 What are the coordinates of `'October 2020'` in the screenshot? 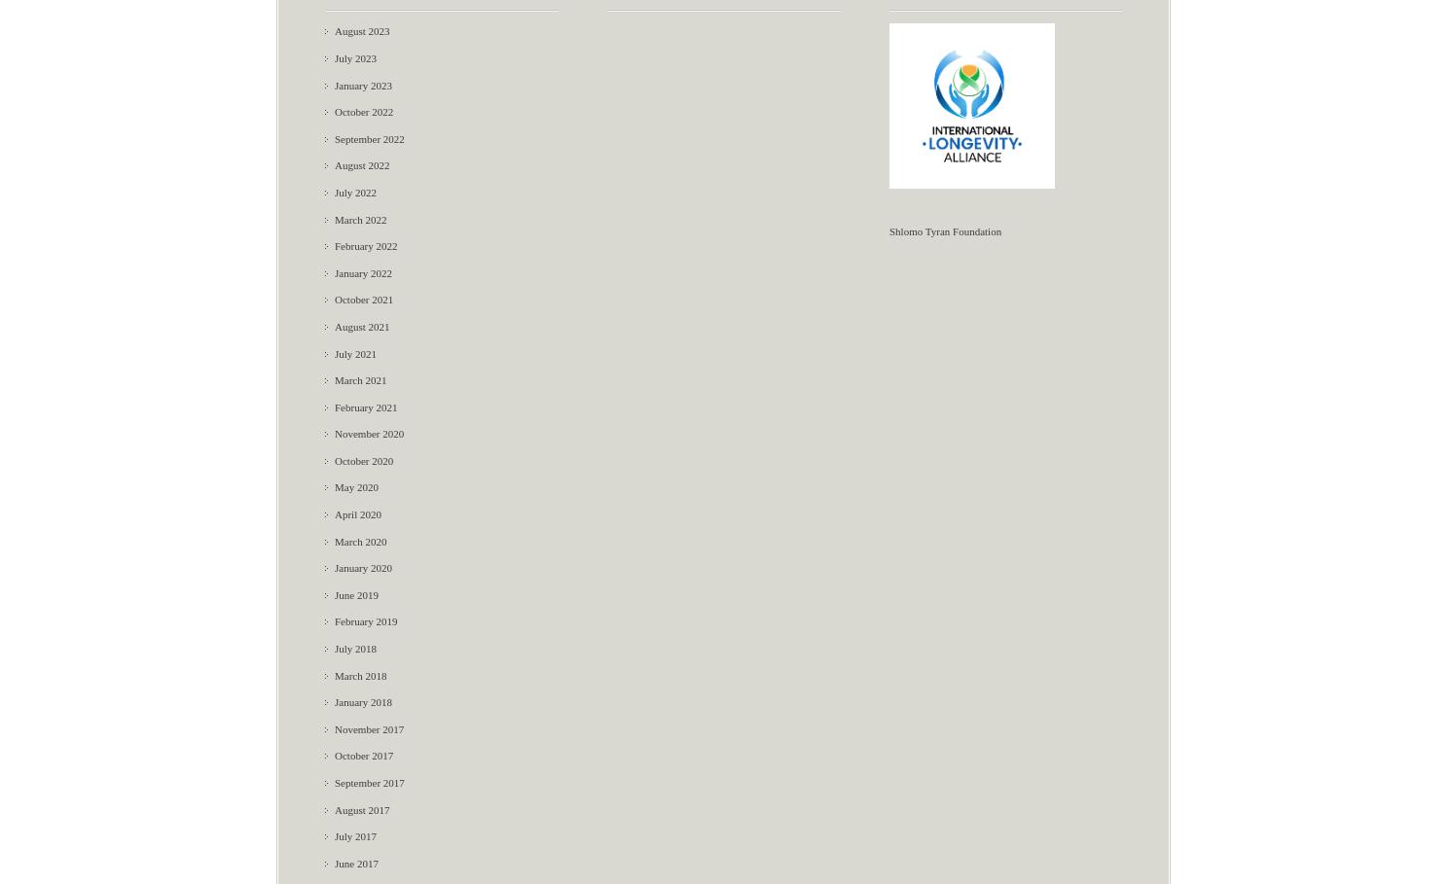 It's located at (362, 460).